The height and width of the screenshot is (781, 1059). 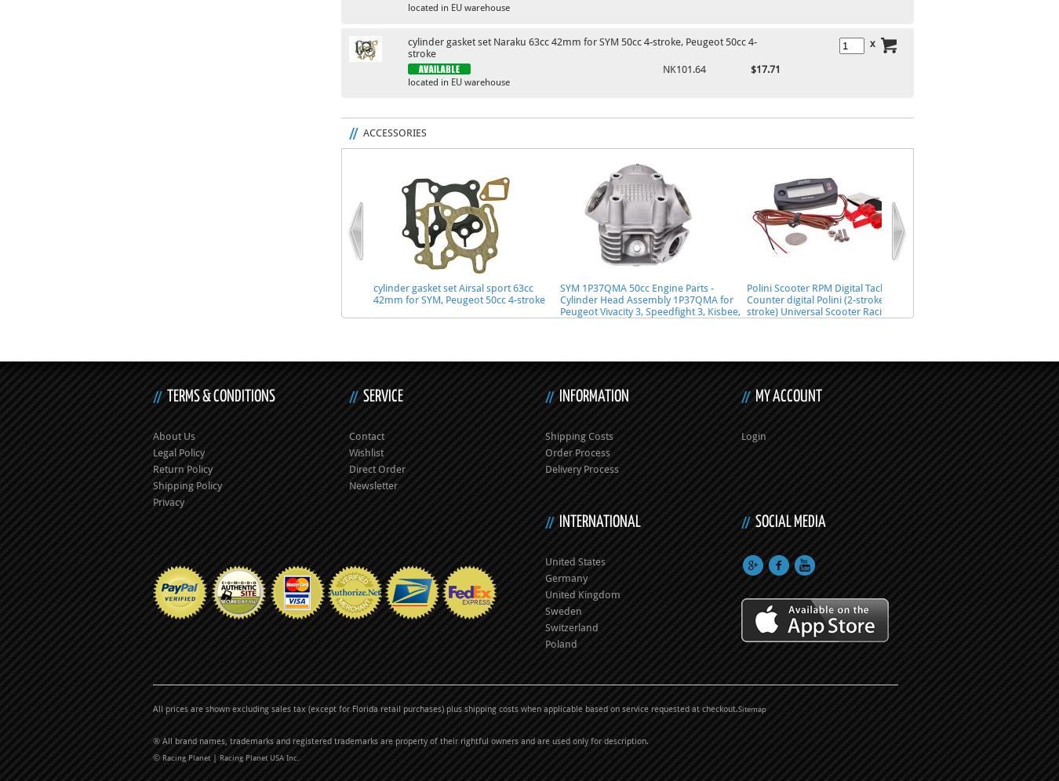 I want to click on 'SERVICE', so click(x=362, y=396).